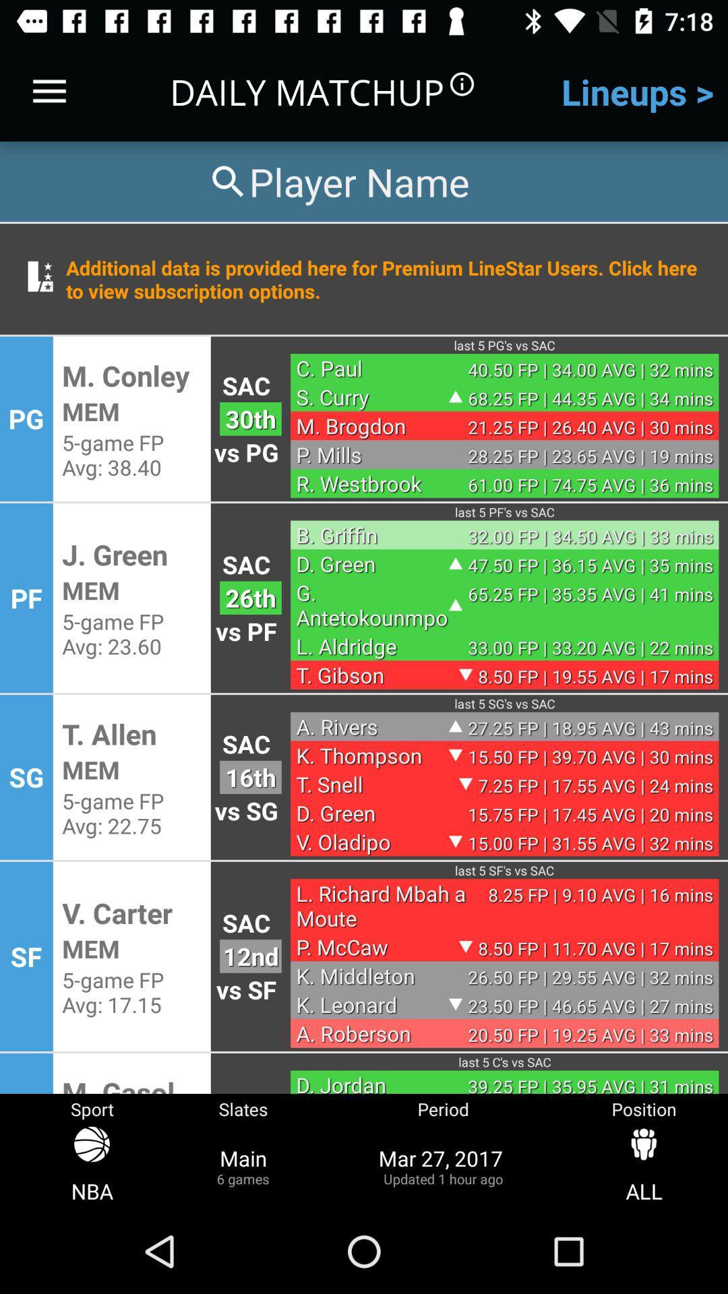  Describe the element at coordinates (337, 181) in the screenshot. I see `search icon for player name` at that location.